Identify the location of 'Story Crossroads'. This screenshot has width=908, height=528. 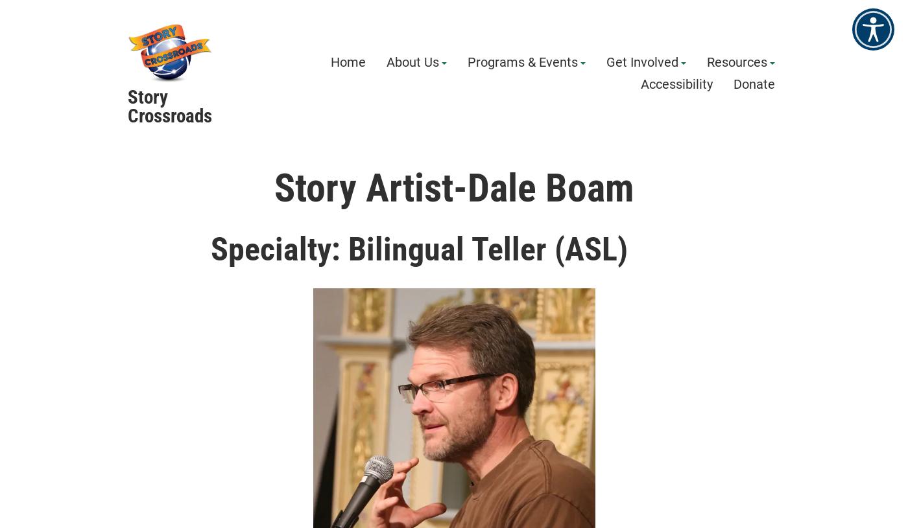
(127, 106).